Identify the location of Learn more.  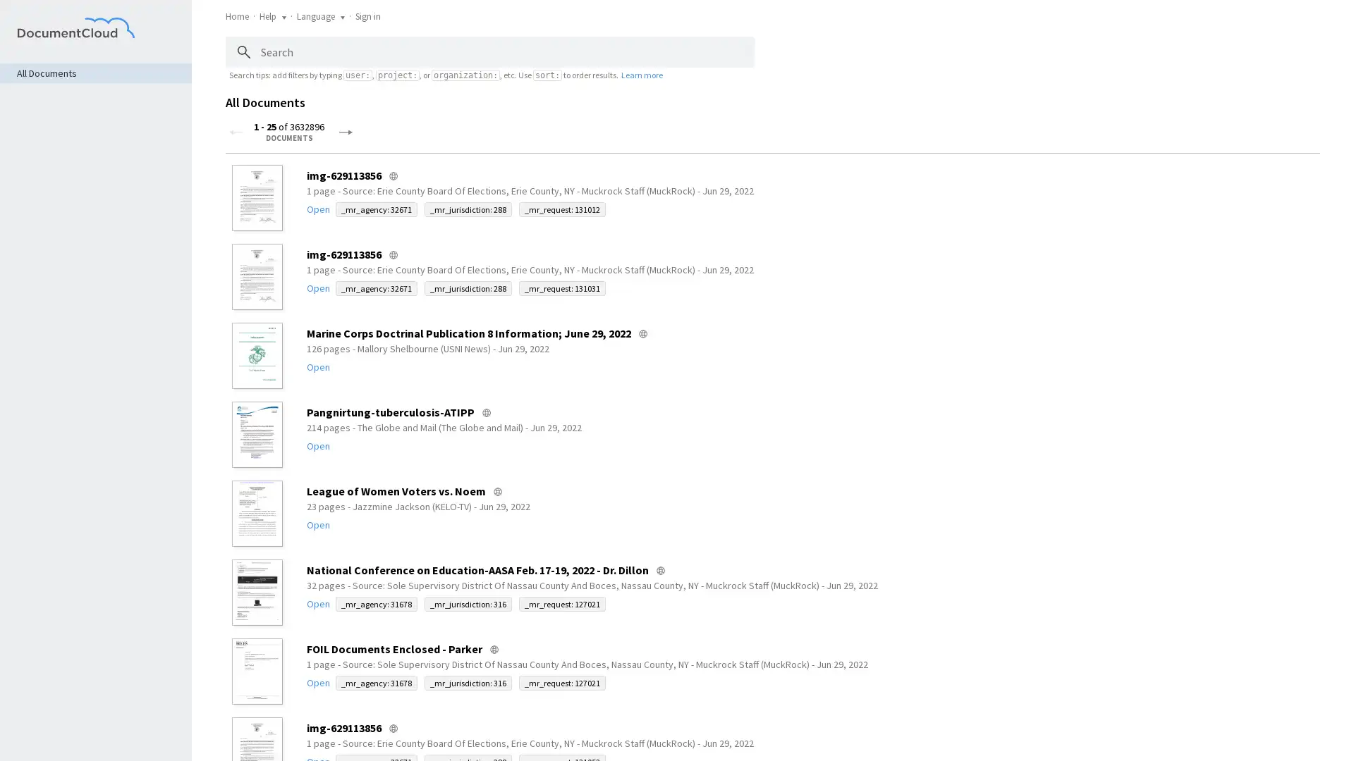
(641, 74).